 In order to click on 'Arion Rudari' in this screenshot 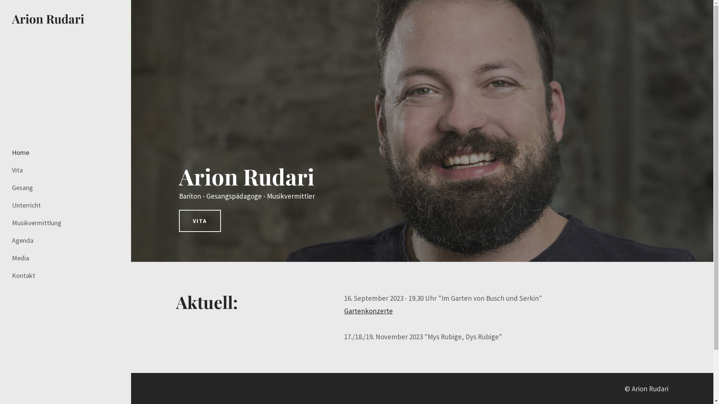, I will do `click(48, 18)`.